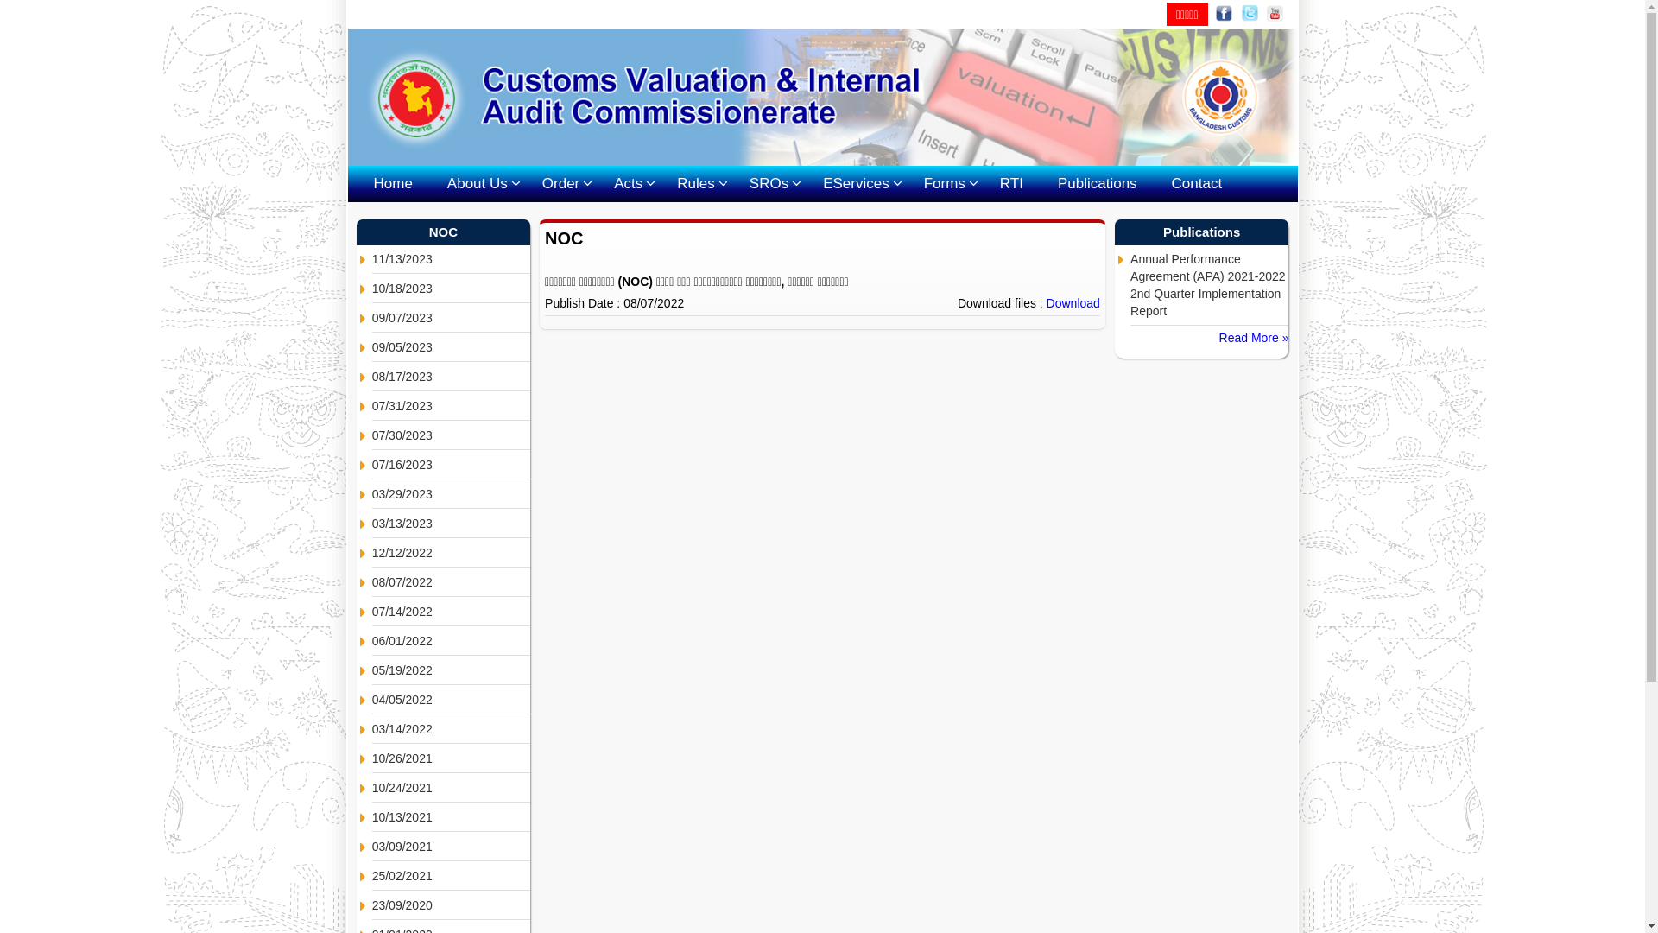 The image size is (1658, 933). What do you see at coordinates (451, 729) in the screenshot?
I see `'03/14/2022'` at bounding box center [451, 729].